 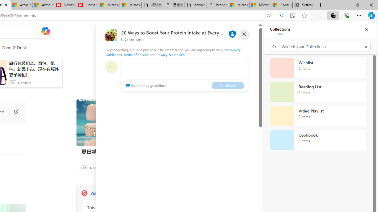 I want to click on 'Newsweek - News, Analysis, Politics, Business, Technology', so click(x=65, y=5).